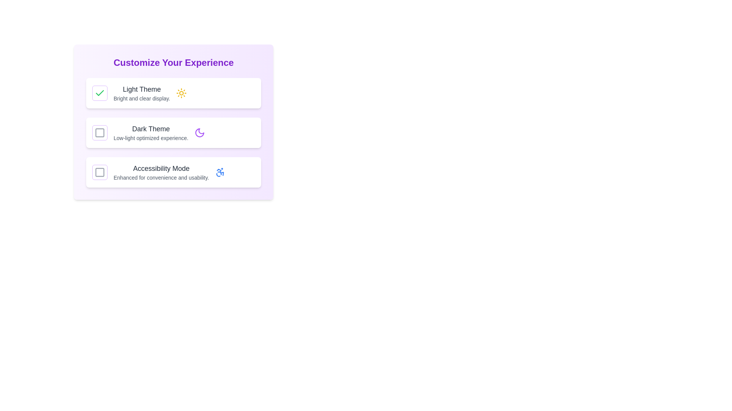 The height and width of the screenshot is (411, 732). I want to click on the 'Dark Theme' card component, which is the second card, so click(173, 132).